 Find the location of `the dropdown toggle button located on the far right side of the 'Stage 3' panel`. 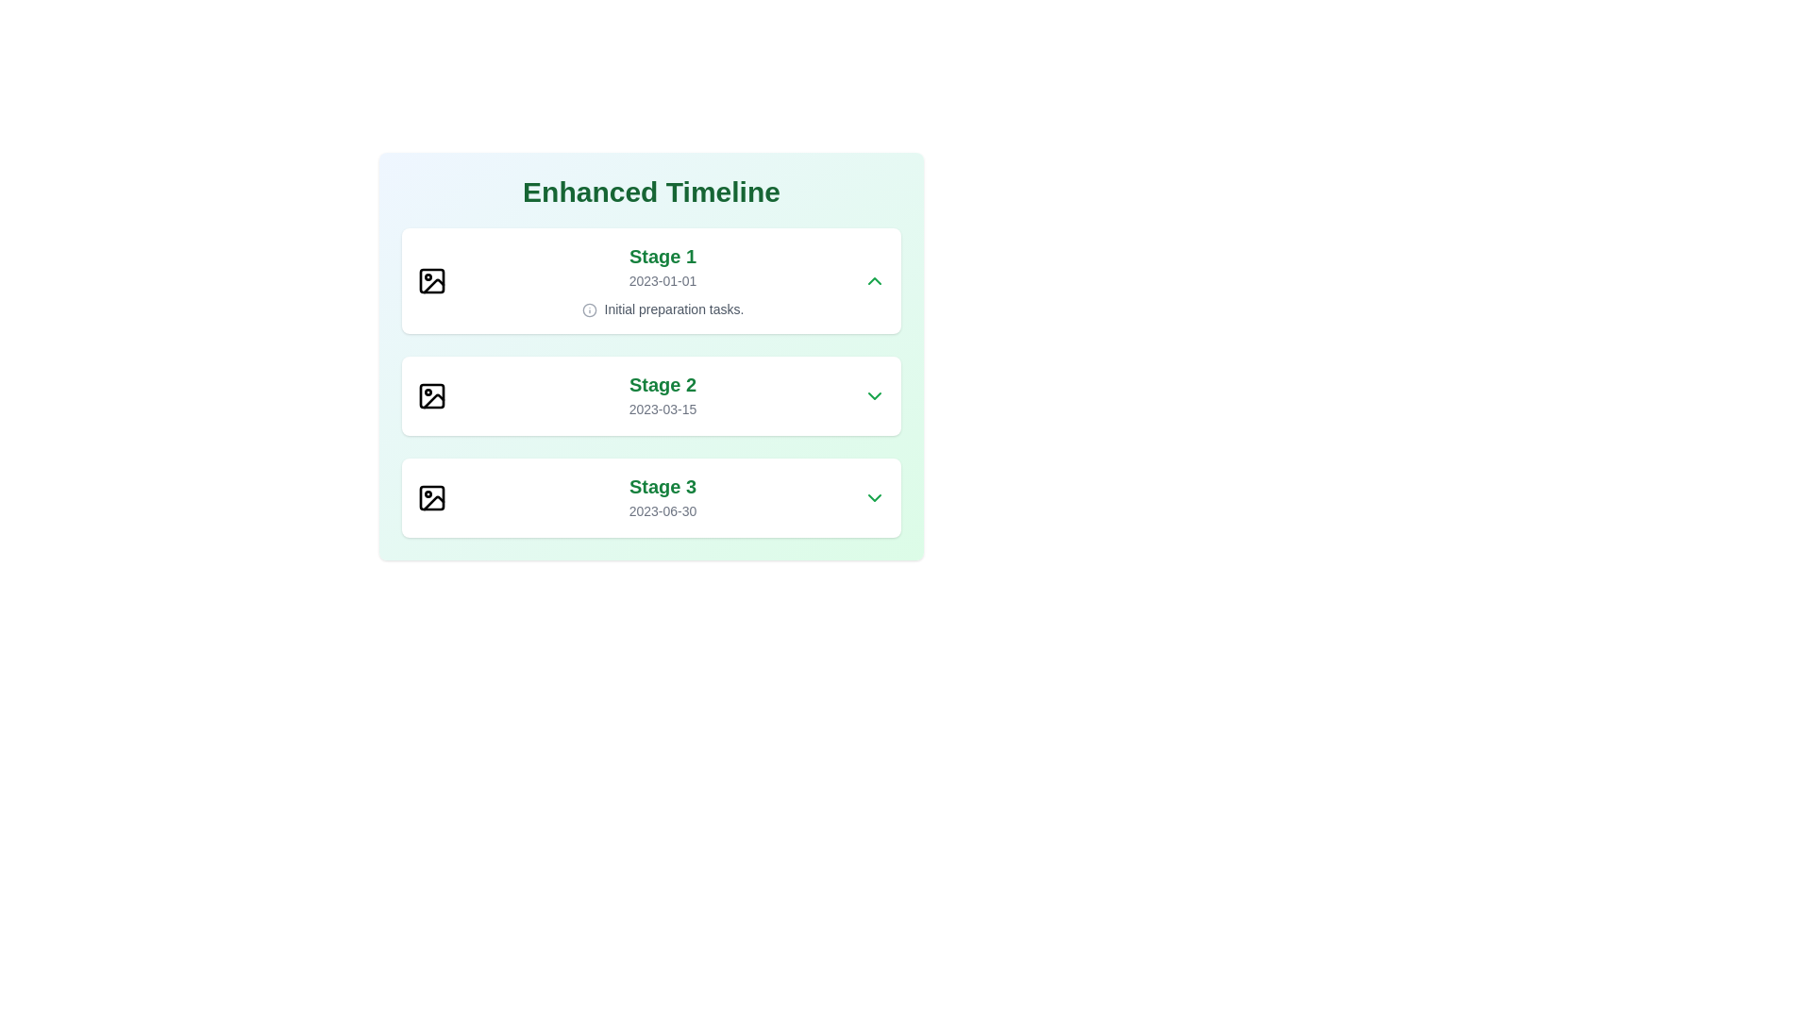

the dropdown toggle button located on the far right side of the 'Stage 3' panel is located at coordinates (873, 497).